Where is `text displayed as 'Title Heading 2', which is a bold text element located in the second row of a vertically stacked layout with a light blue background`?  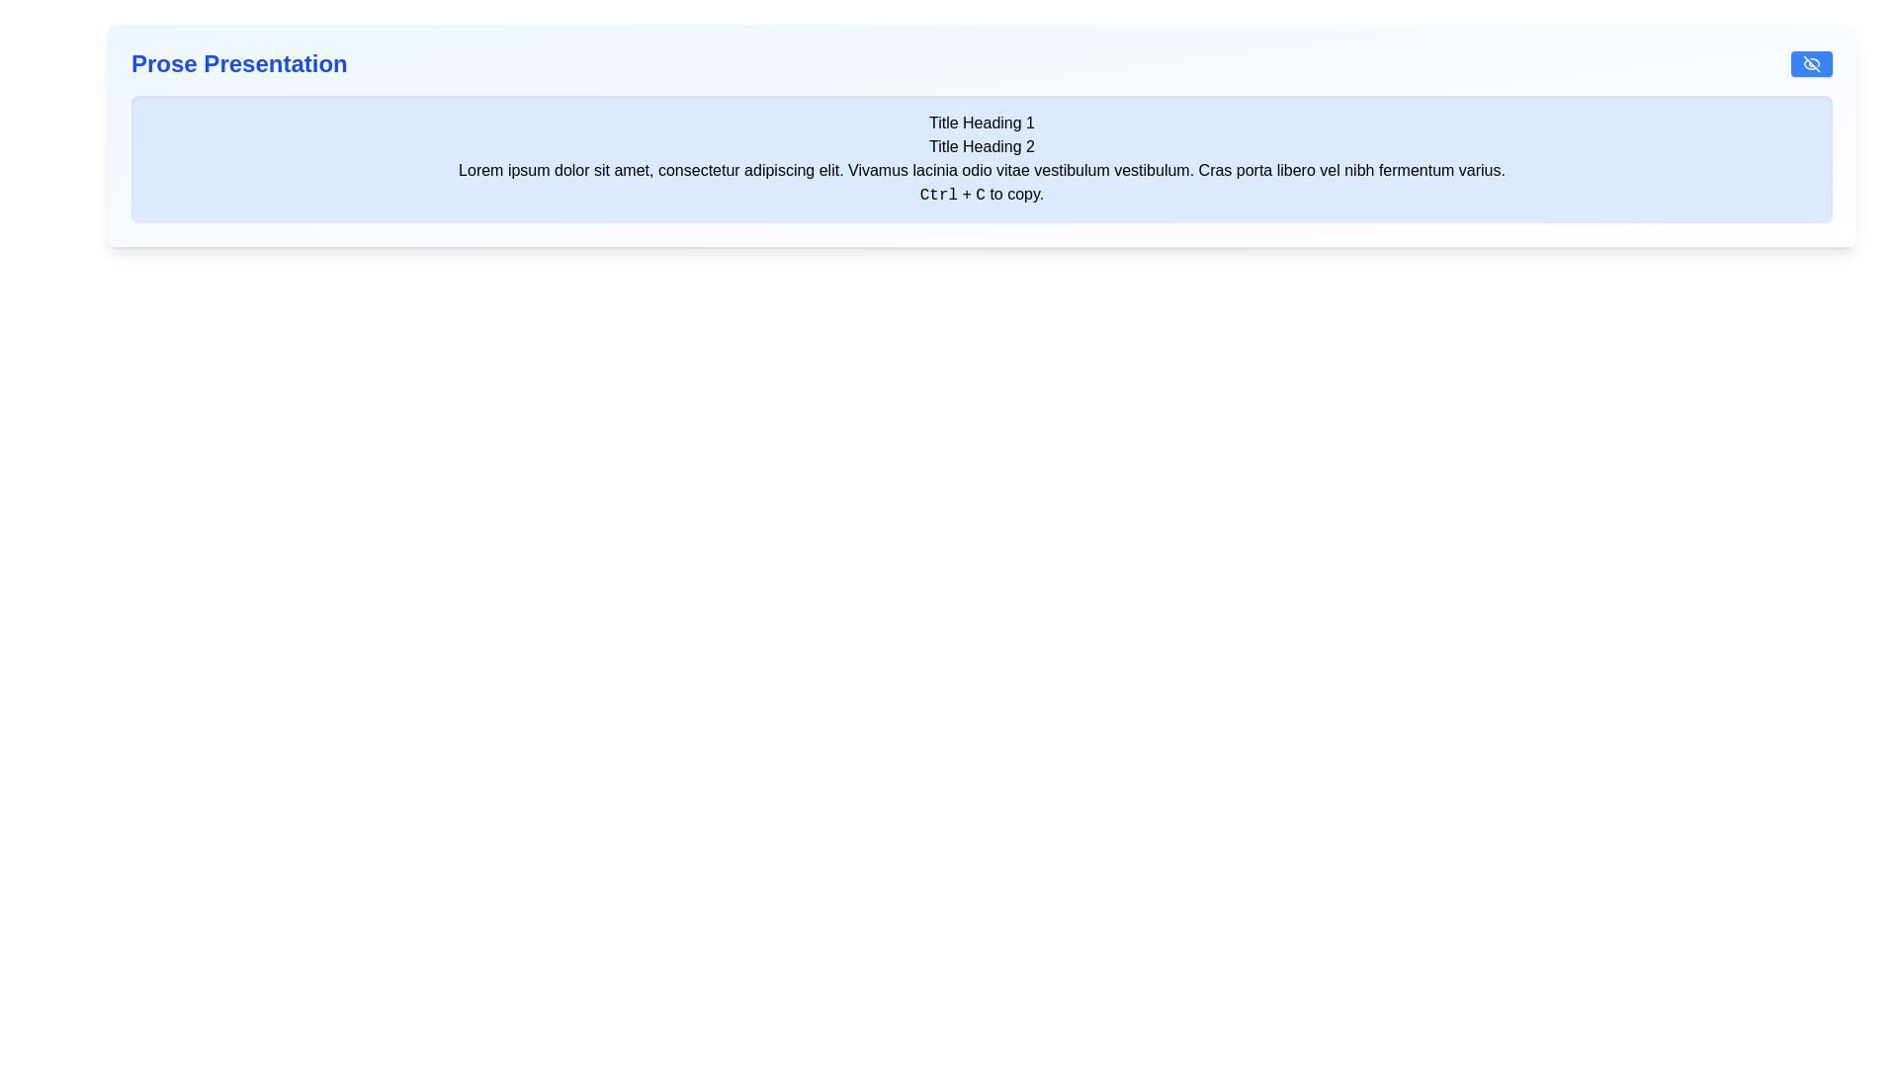
text displayed as 'Title Heading 2', which is a bold text element located in the second row of a vertically stacked layout with a light blue background is located at coordinates (982, 146).